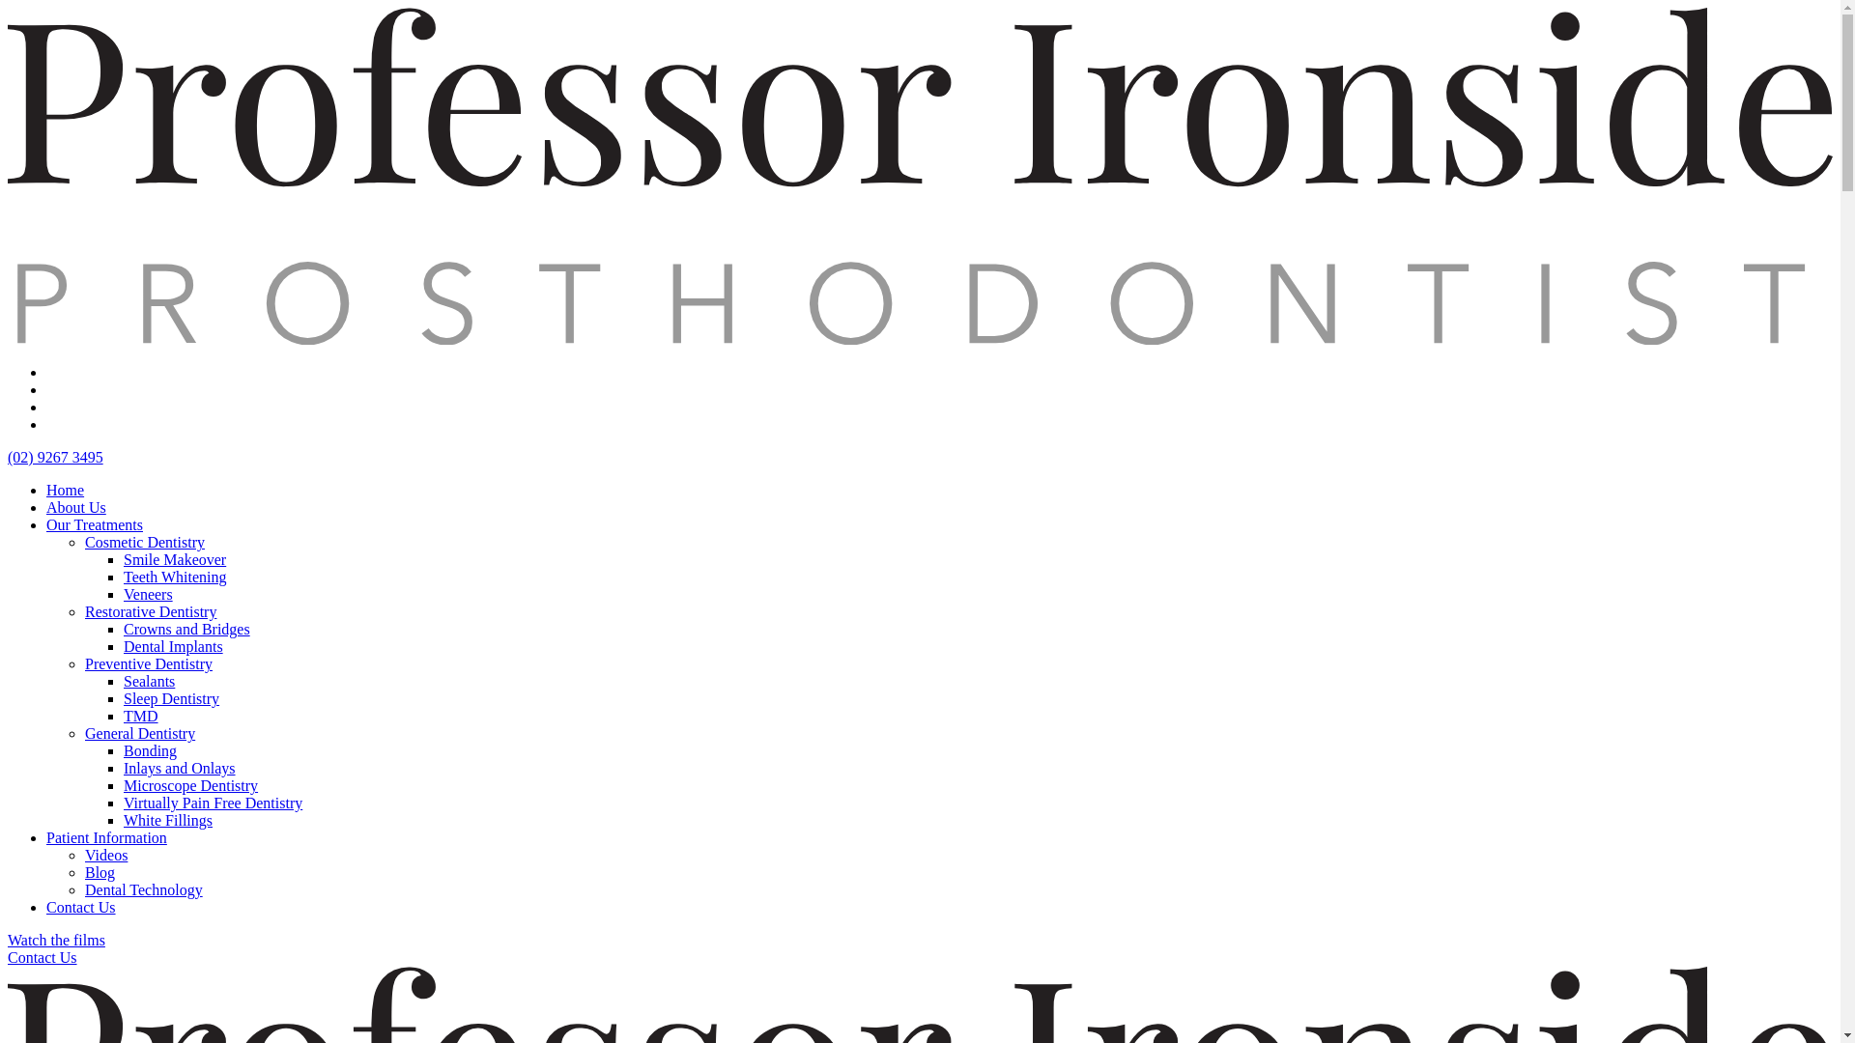  What do you see at coordinates (190, 785) in the screenshot?
I see `'Microscope Dentistry'` at bounding box center [190, 785].